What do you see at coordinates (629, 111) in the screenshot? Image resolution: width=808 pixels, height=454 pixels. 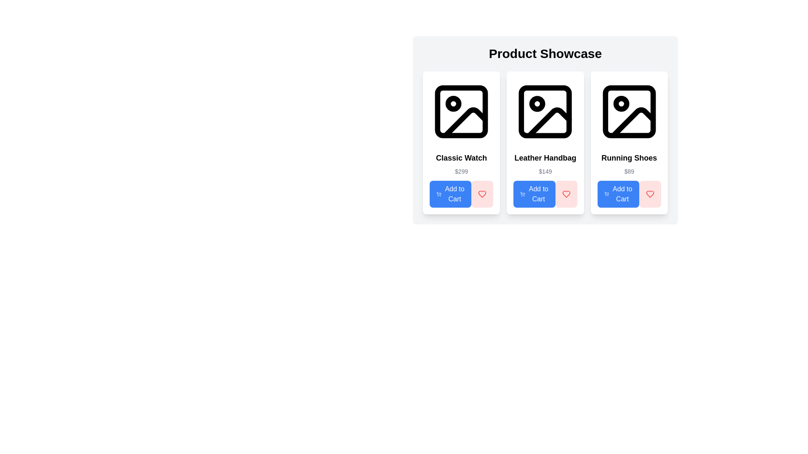 I see `the graphical icon component representing an image placeholder in the third card labeled 'Running Shoes' of the horizontal product showcase layout` at bounding box center [629, 111].